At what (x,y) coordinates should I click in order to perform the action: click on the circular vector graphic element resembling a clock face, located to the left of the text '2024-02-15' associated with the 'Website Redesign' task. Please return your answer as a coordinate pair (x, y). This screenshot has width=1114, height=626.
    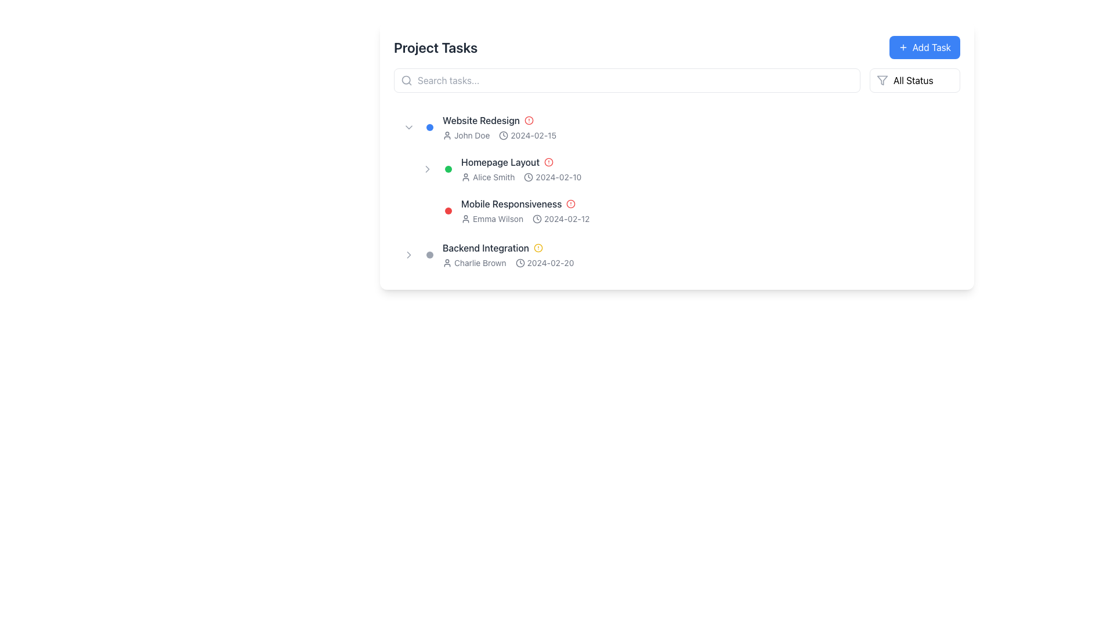
    Looking at the image, I should click on (504, 135).